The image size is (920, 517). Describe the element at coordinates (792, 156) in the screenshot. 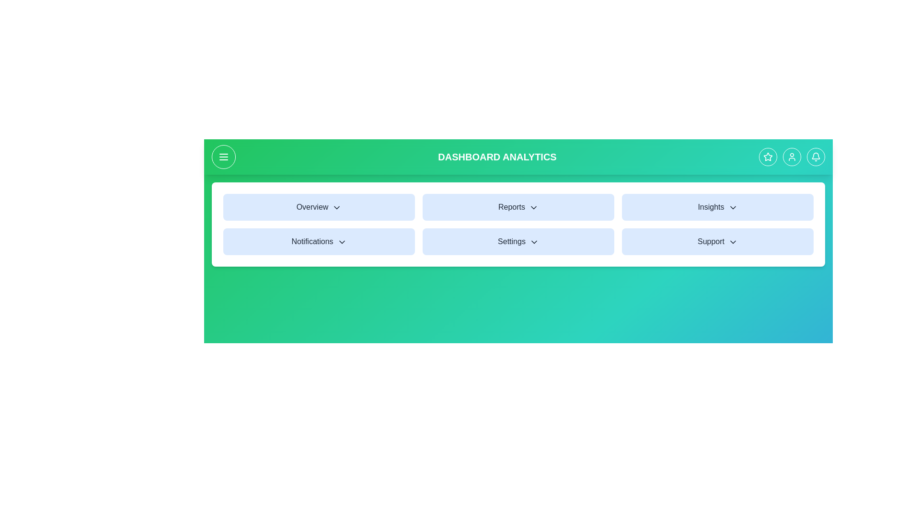

I see `the User icon in the top right corner` at that location.